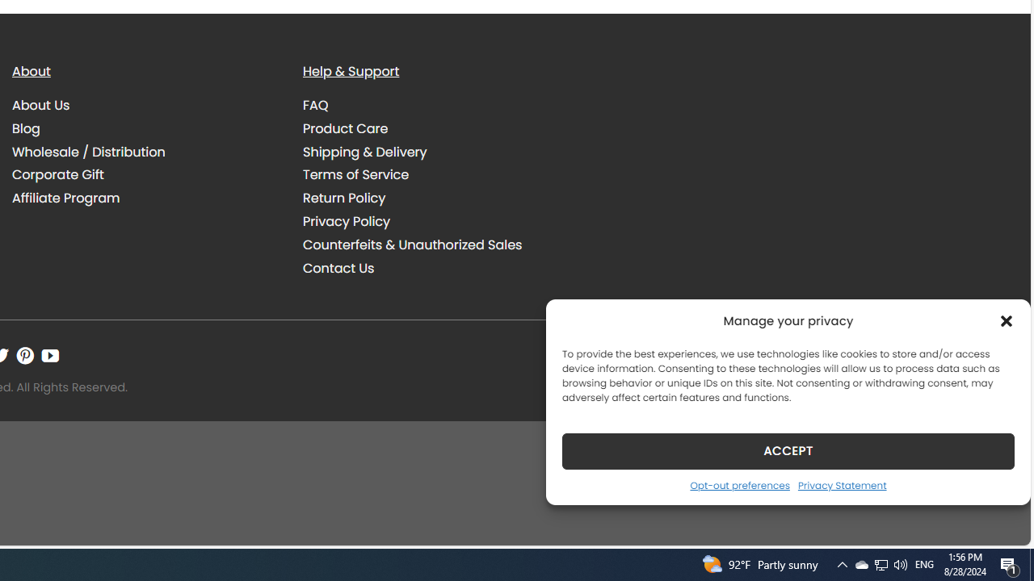 Image resolution: width=1034 pixels, height=581 pixels. What do you see at coordinates (436, 198) in the screenshot?
I see `'Return Policy'` at bounding box center [436, 198].